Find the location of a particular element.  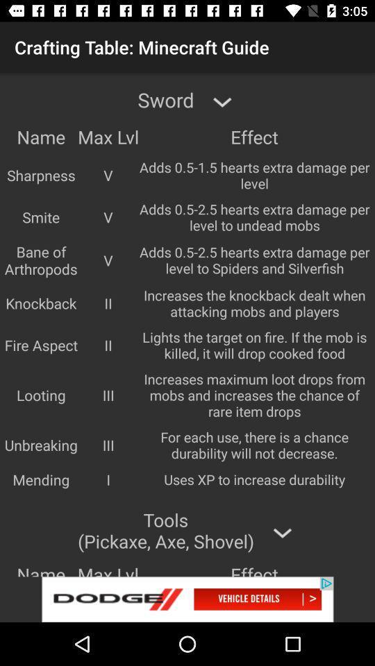

this add information is located at coordinates (187, 599).